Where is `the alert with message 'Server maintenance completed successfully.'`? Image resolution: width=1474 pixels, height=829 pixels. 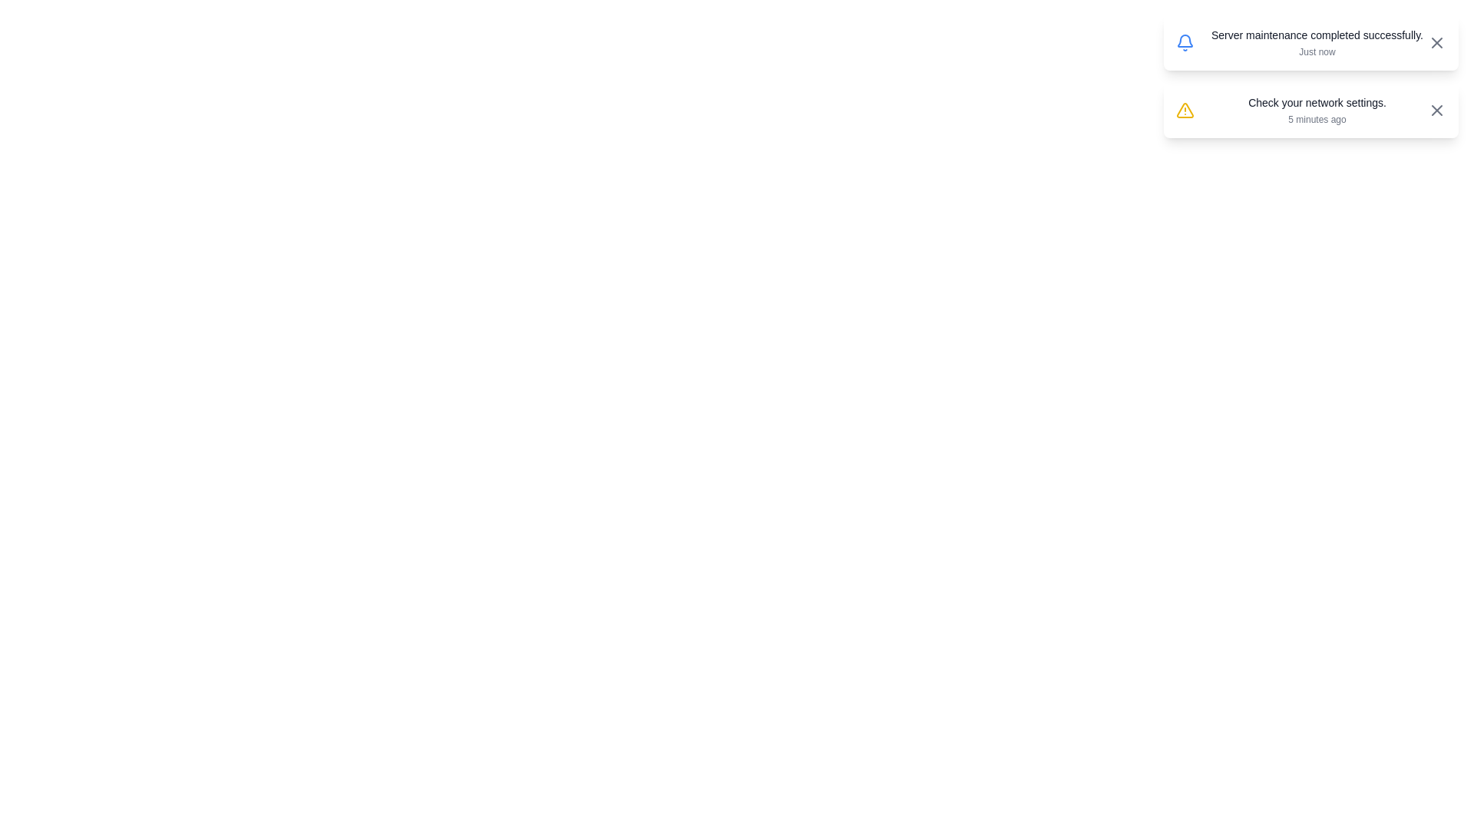 the alert with message 'Server maintenance completed successfully.' is located at coordinates (1310, 42).